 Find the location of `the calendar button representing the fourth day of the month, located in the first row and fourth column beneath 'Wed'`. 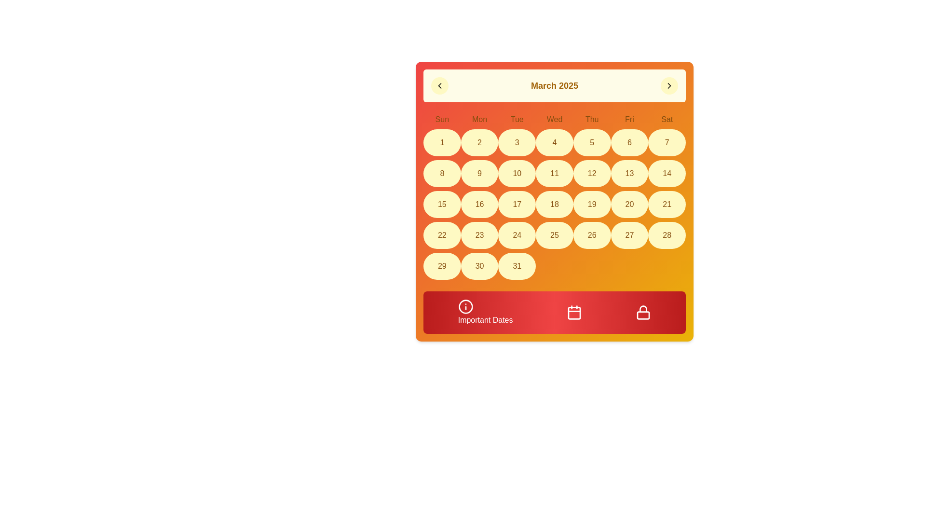

the calendar button representing the fourth day of the month, located in the first row and fourth column beneath 'Wed' is located at coordinates (555, 143).